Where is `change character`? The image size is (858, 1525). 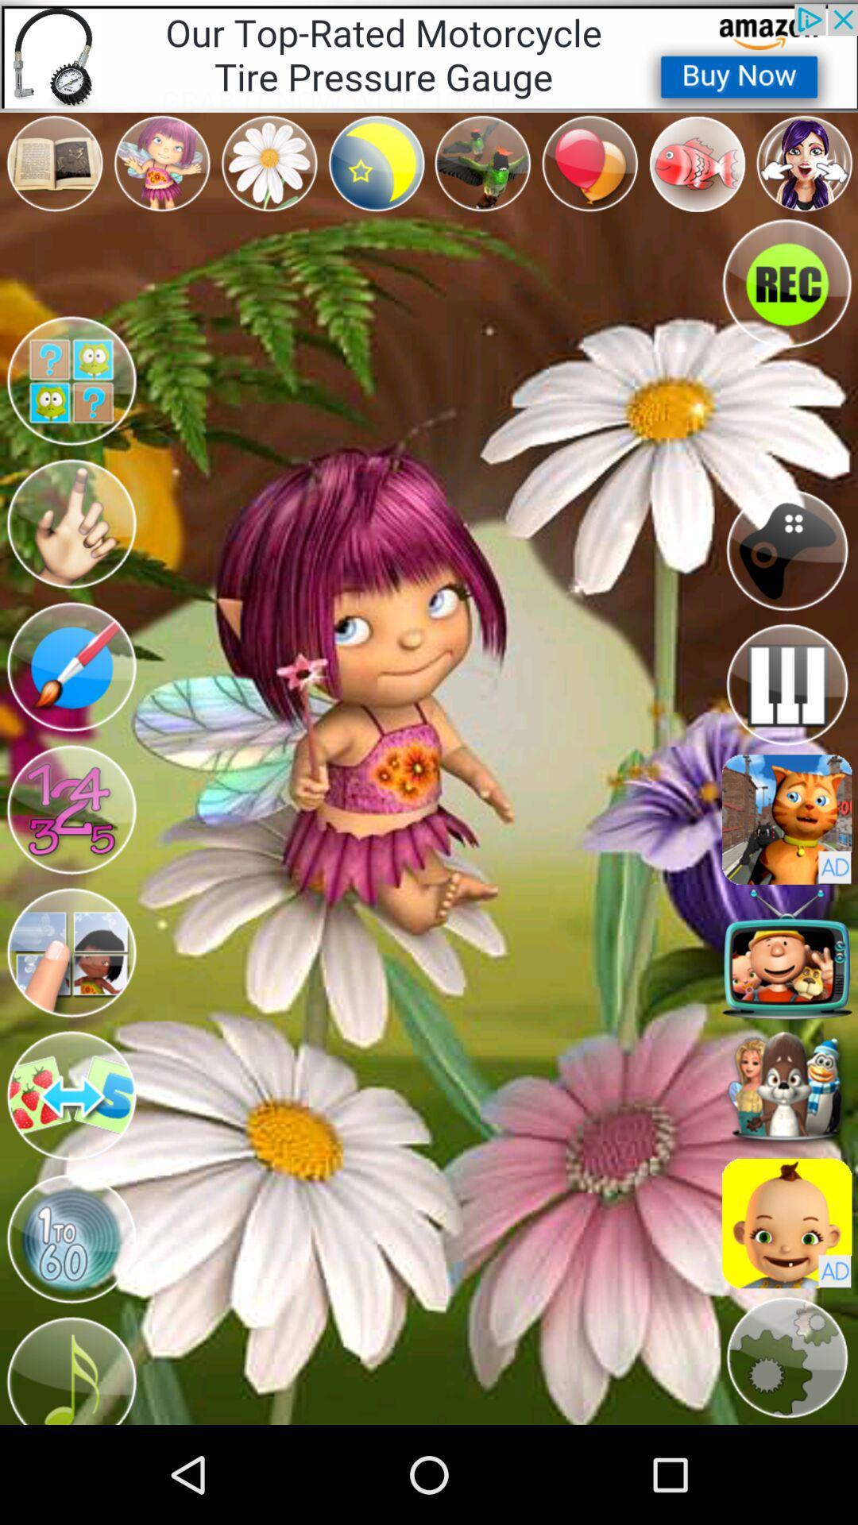 change character is located at coordinates (70, 809).